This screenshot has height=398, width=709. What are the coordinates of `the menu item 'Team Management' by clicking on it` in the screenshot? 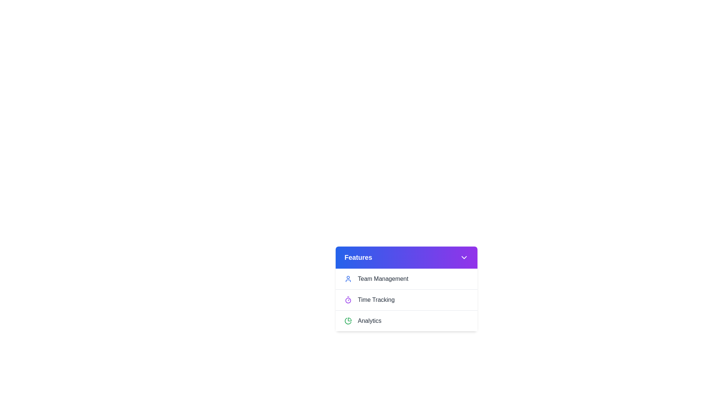 It's located at (406, 279).